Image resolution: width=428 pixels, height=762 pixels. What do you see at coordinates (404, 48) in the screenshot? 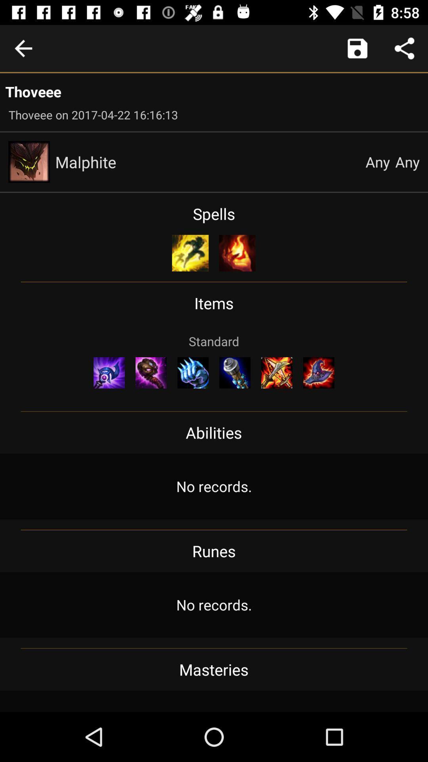
I see `share` at bounding box center [404, 48].